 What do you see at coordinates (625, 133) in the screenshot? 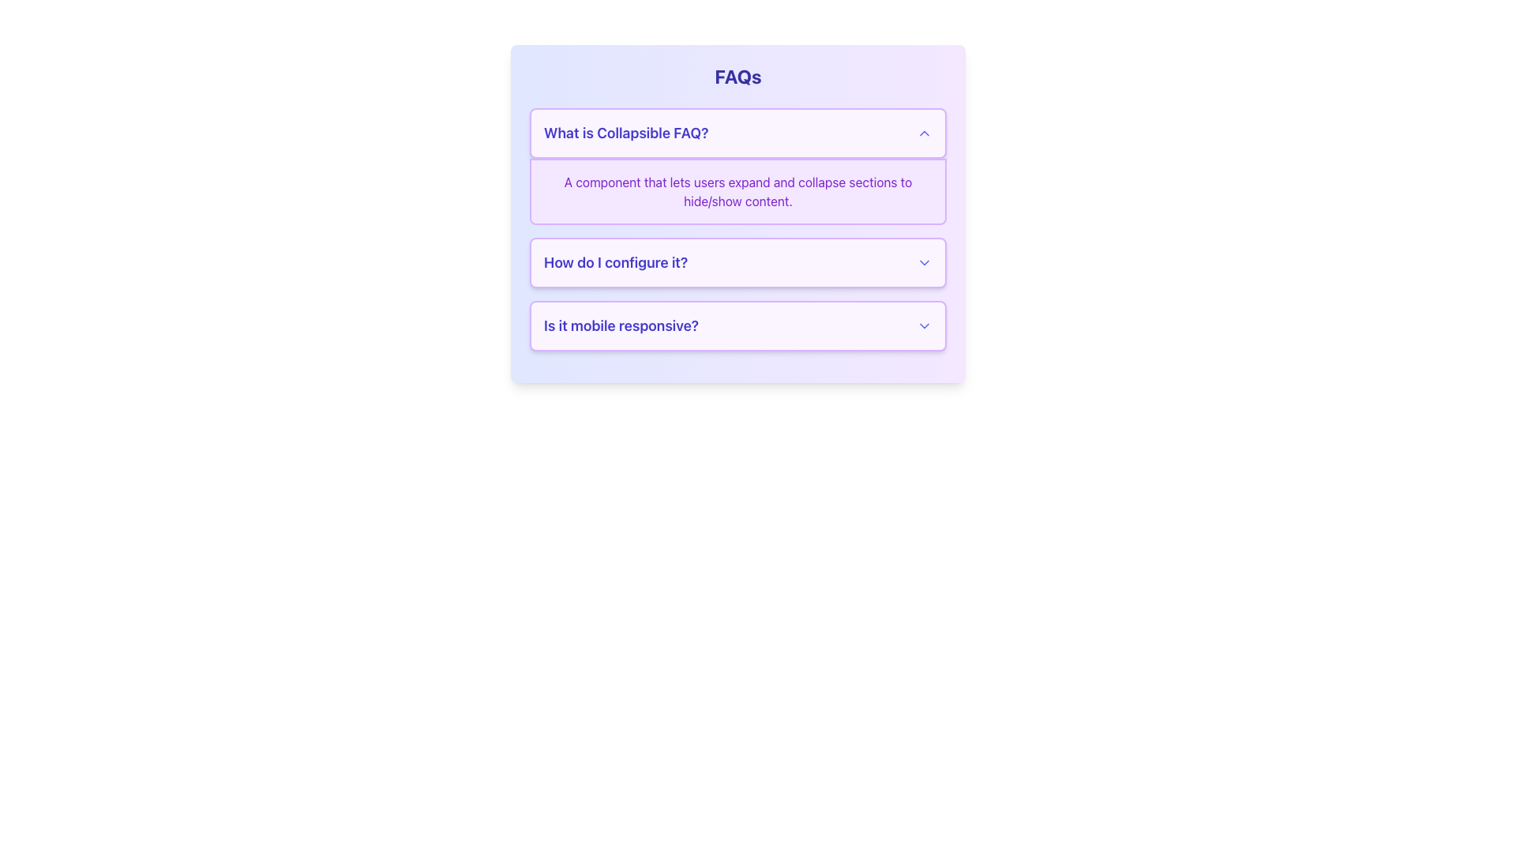
I see `the text label reading 'What is Collapsible FAQ?' displayed in bold indigo font within a purple-bordered card at the top of the FAQ section` at bounding box center [625, 133].